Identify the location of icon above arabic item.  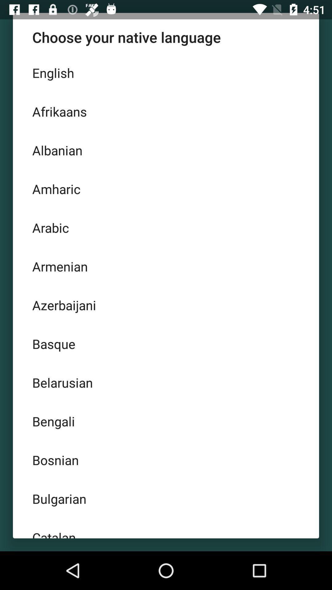
(166, 188).